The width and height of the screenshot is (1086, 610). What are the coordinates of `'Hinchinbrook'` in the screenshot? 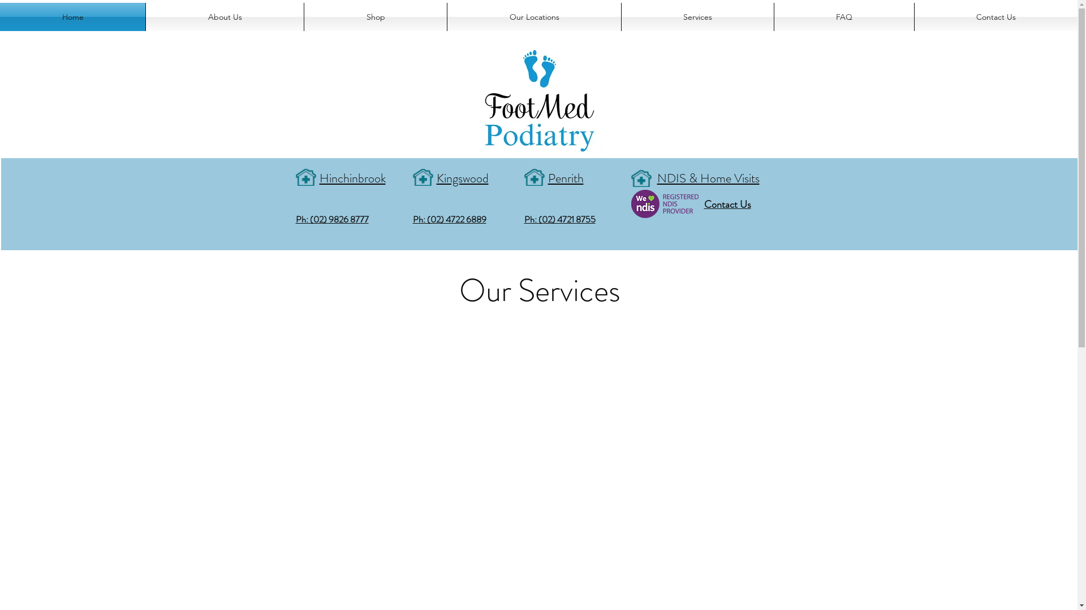 It's located at (318, 176).